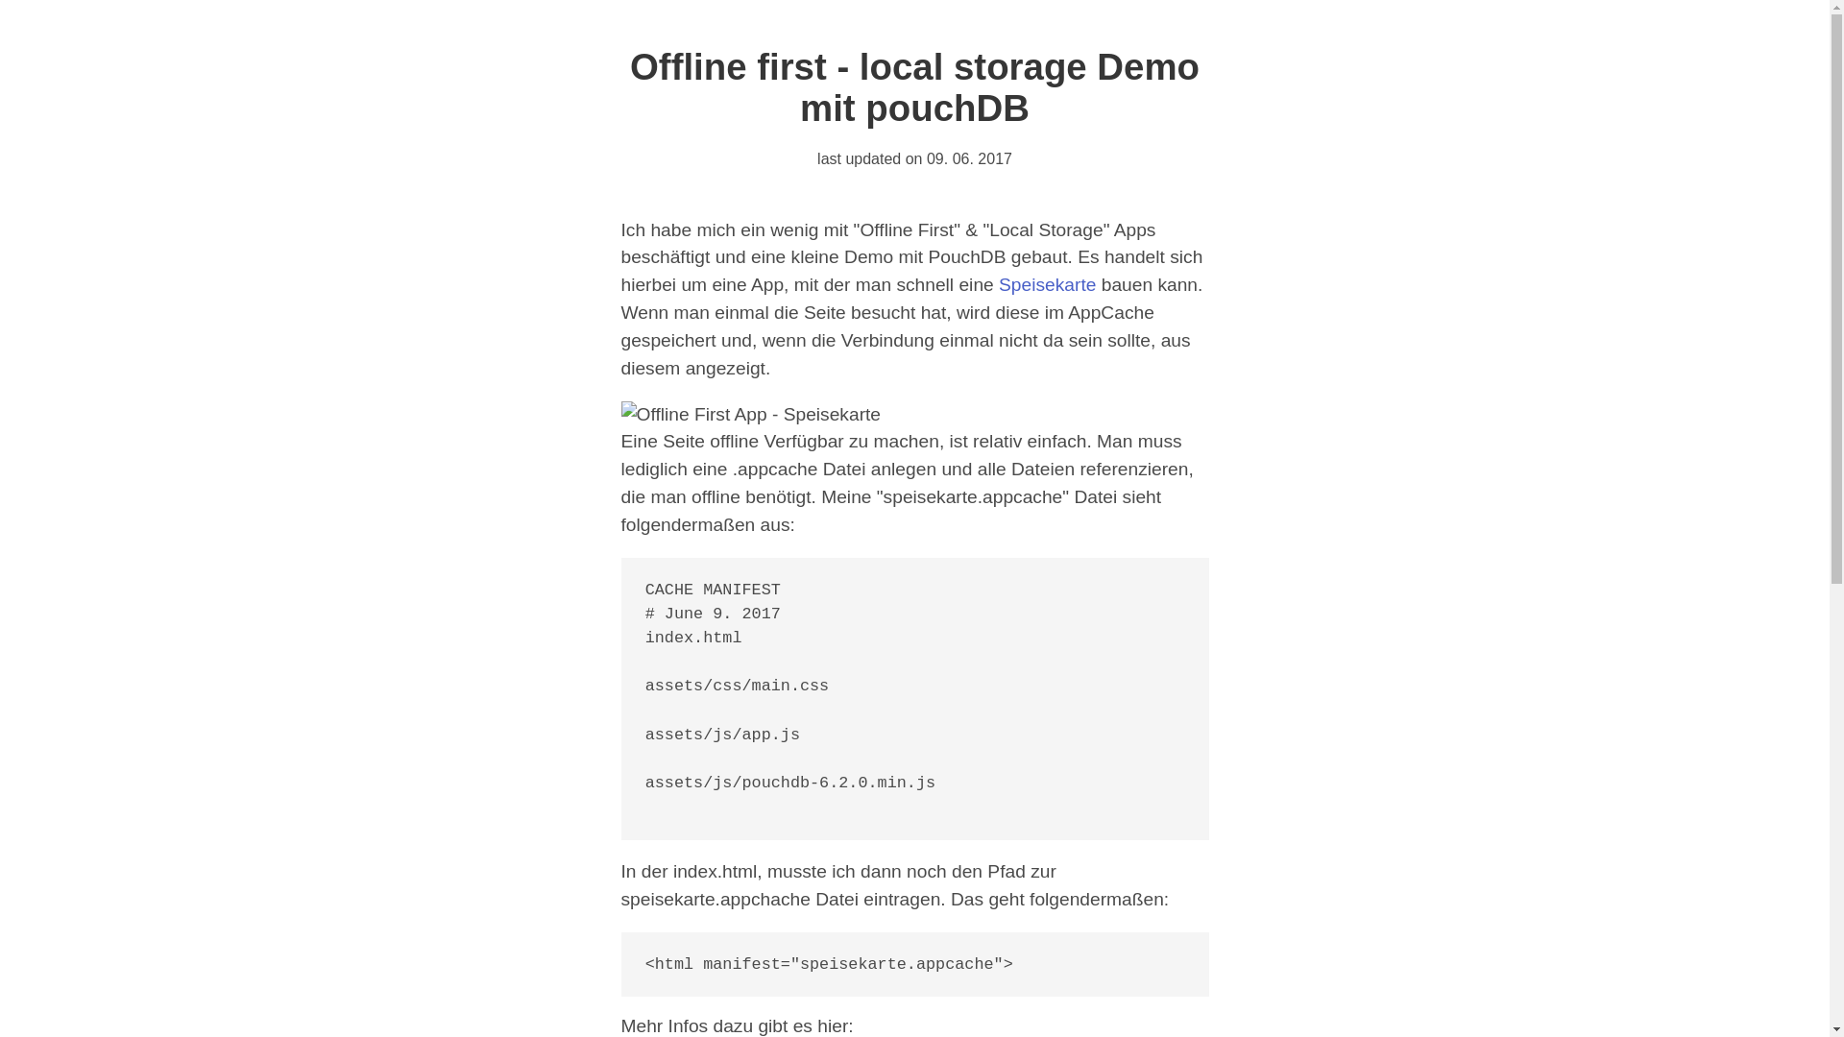 The height and width of the screenshot is (1037, 1844). What do you see at coordinates (1046, 284) in the screenshot?
I see `'Speisekarte'` at bounding box center [1046, 284].